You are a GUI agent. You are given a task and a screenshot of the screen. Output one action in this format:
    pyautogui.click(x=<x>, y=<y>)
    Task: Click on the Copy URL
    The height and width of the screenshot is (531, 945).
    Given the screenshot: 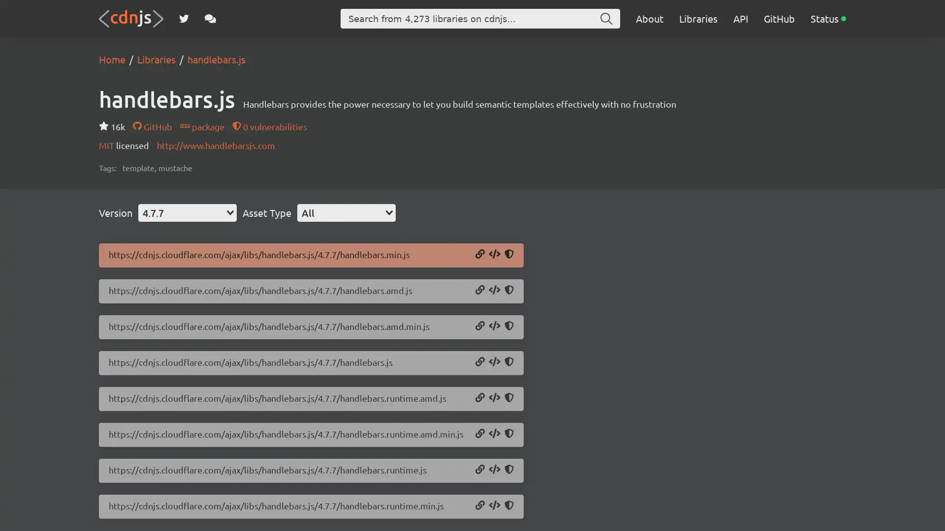 What is the action you would take?
    pyautogui.click(x=480, y=326)
    